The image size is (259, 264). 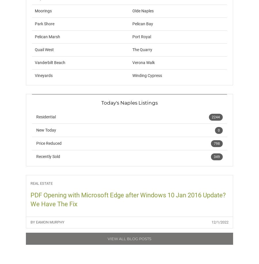 I want to click on 'Today's Naples Listings', so click(x=129, y=103).